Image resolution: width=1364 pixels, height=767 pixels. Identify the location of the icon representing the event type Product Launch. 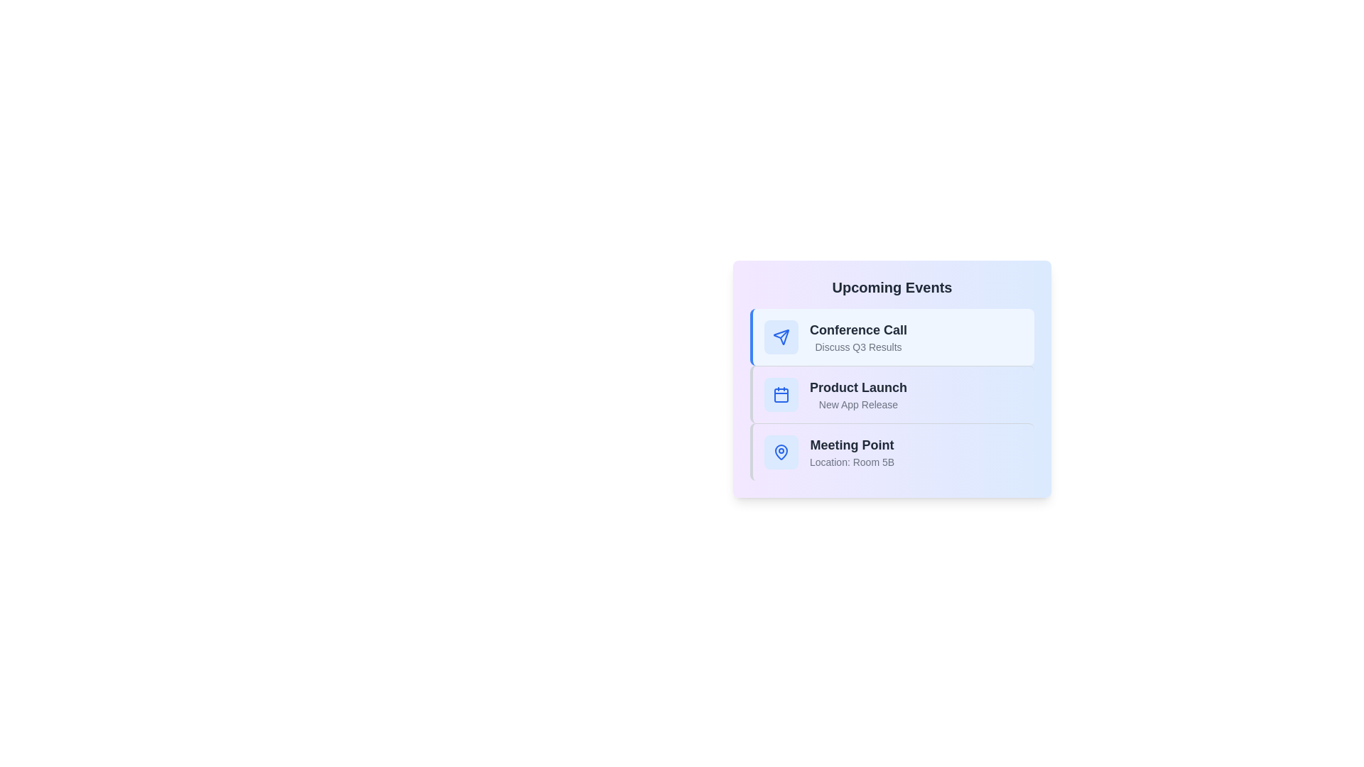
(780, 394).